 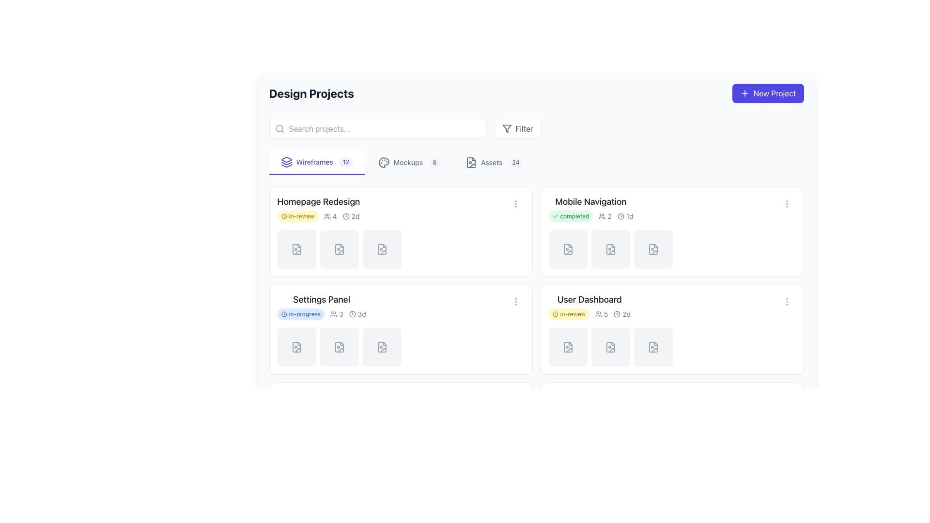 I want to click on the 'User Dashboard' composite card component located in the lower-right quadrant of the grid layout, so click(x=589, y=306).